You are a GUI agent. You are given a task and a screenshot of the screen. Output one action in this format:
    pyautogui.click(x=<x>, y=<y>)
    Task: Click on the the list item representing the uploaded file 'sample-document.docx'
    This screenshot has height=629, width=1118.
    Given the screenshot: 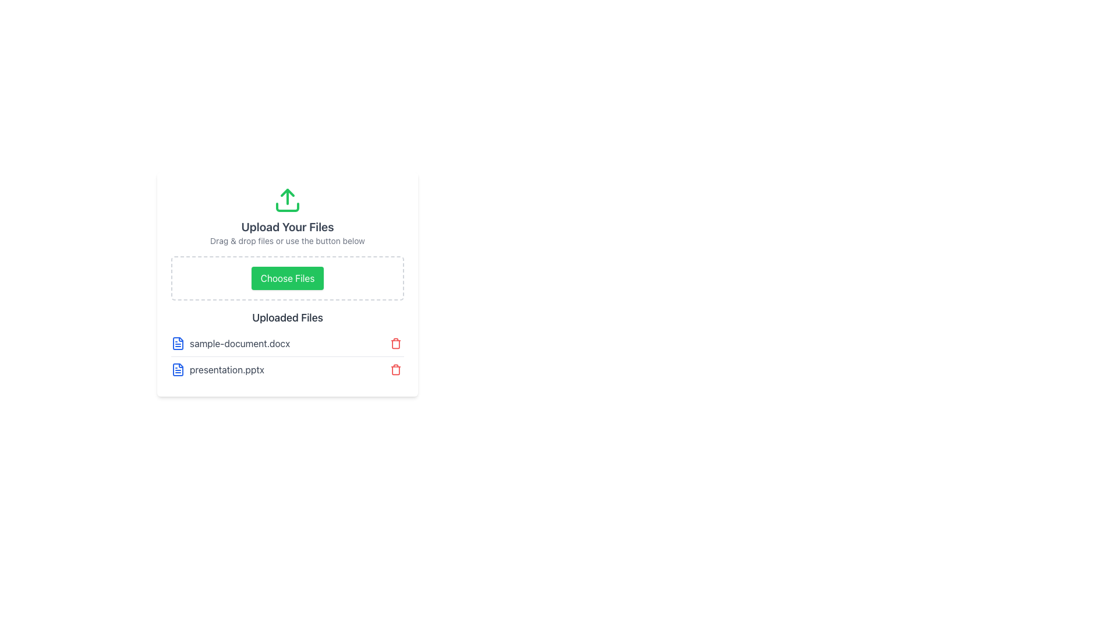 What is the action you would take?
    pyautogui.click(x=288, y=343)
    